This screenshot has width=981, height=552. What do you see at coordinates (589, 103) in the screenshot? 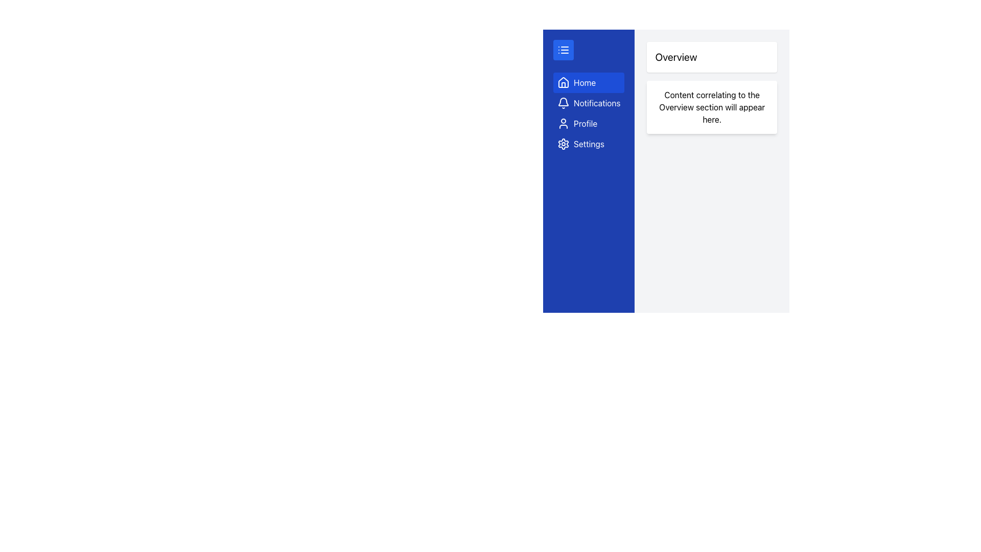
I see `the 'Notifications' navigation button located in the second position of the vertical navigation menu` at bounding box center [589, 103].